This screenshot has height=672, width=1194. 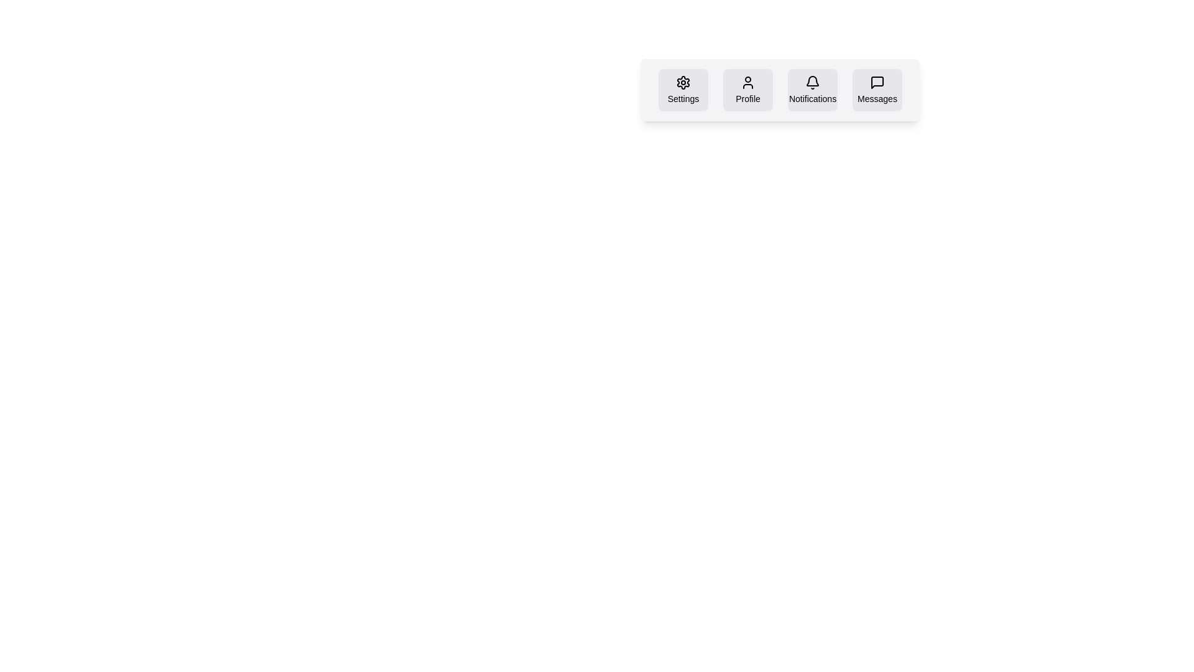 I want to click on the user profile icon located under the 'Profile' title, so click(x=747, y=82).